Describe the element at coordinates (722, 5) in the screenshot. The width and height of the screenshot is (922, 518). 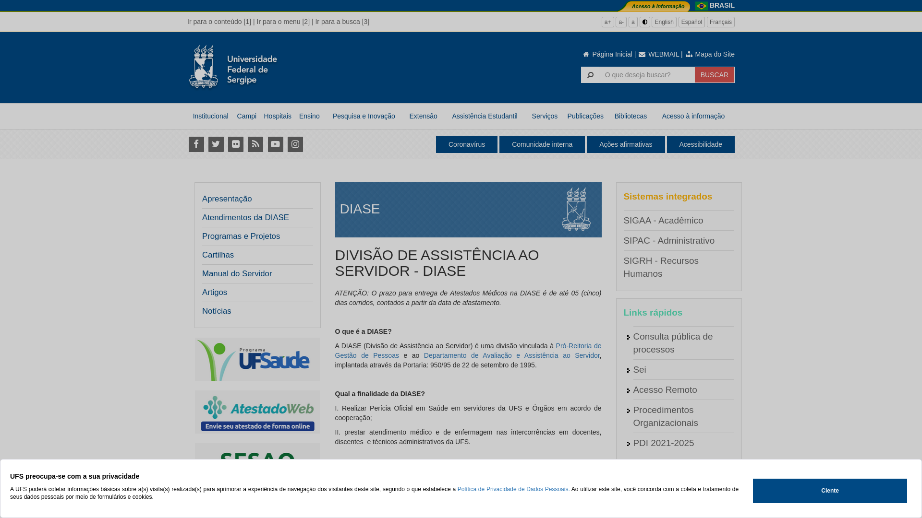
I see `'BRASIL'` at that location.